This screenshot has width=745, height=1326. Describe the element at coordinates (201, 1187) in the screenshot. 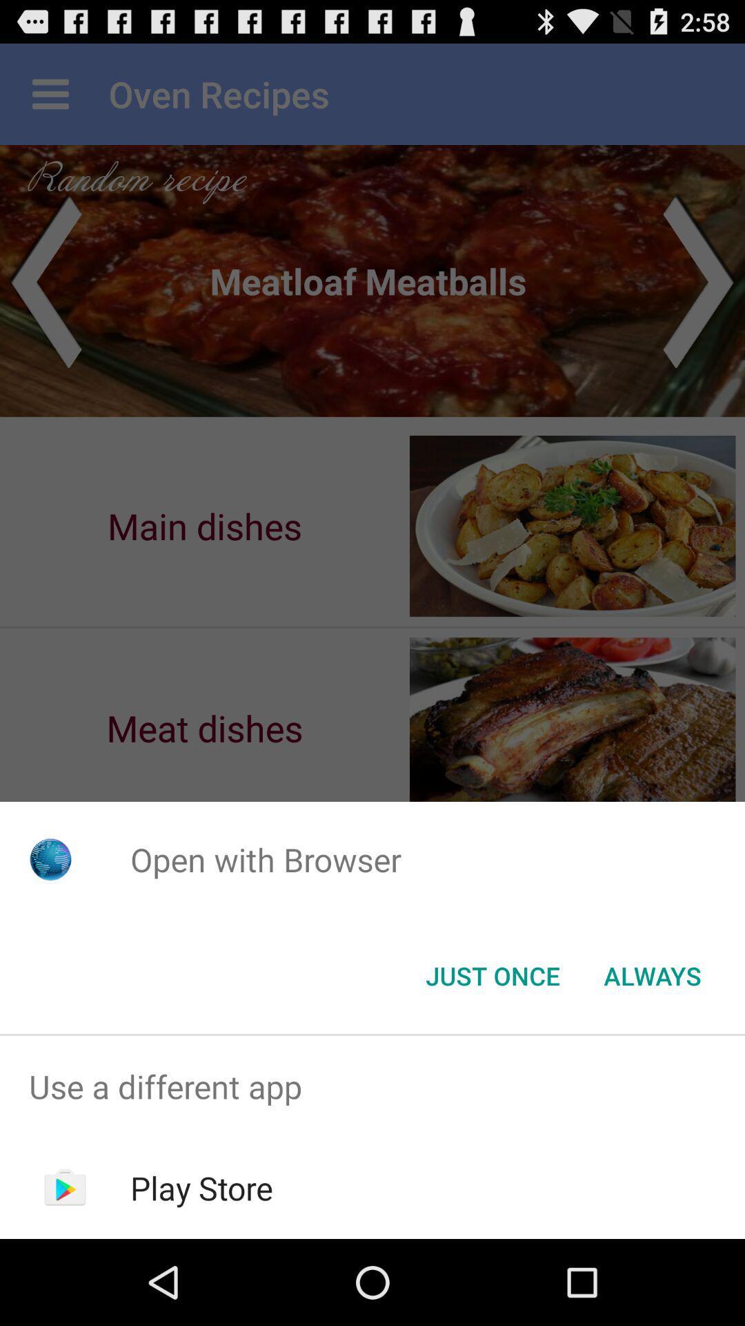

I see `app below the use a different` at that location.